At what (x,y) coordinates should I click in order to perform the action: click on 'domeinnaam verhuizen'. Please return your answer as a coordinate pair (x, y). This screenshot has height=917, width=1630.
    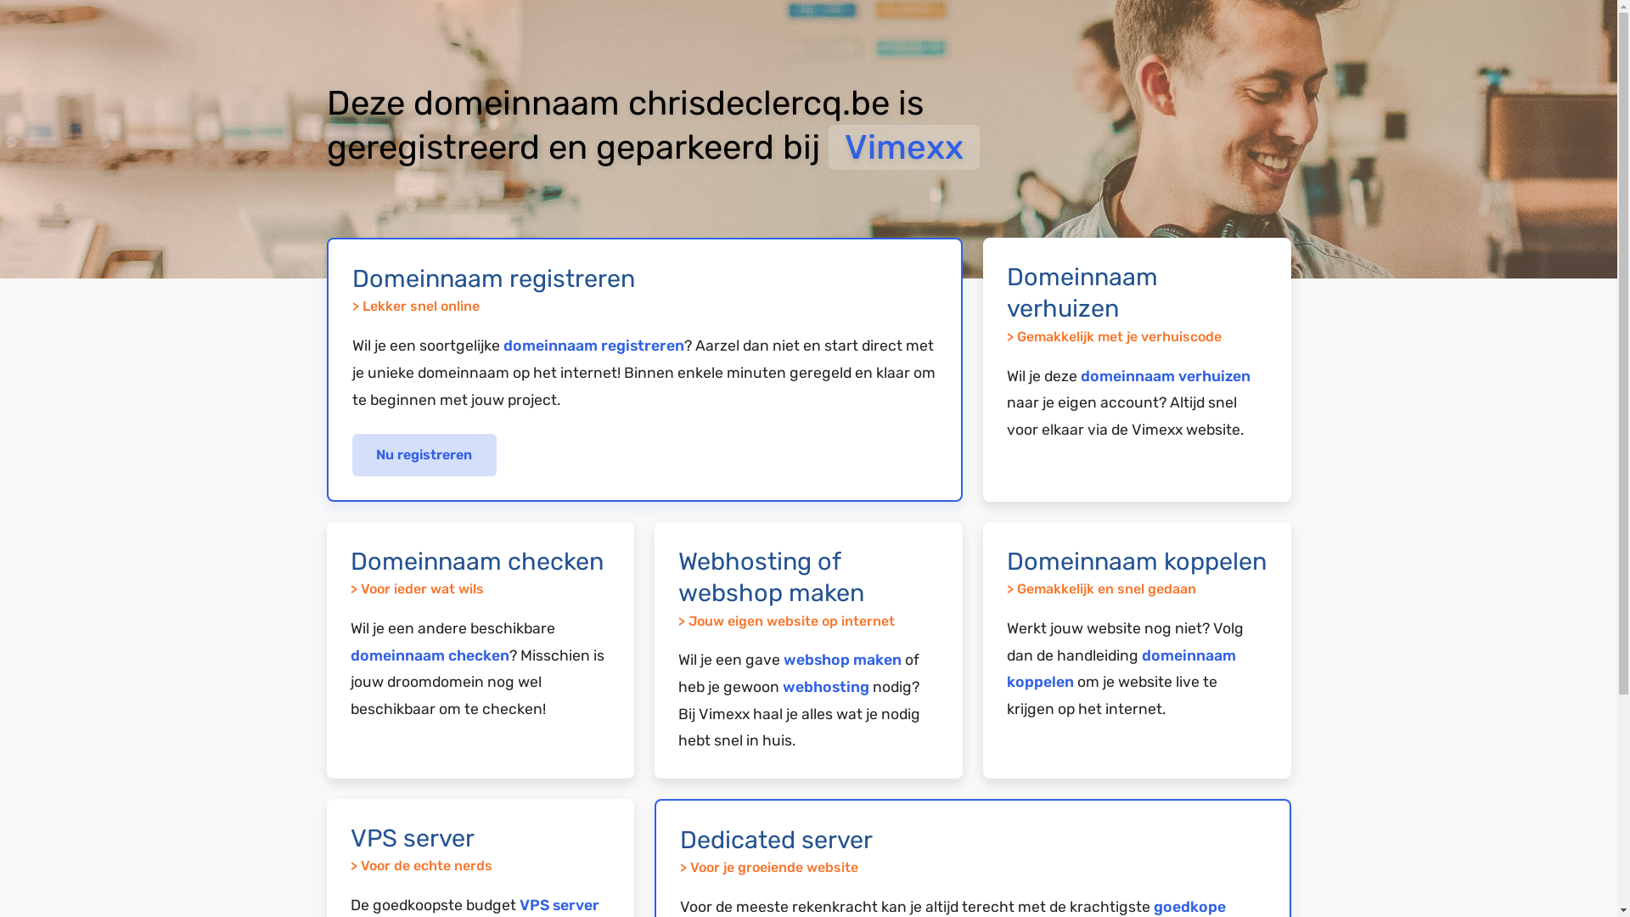
    Looking at the image, I should click on (1164, 375).